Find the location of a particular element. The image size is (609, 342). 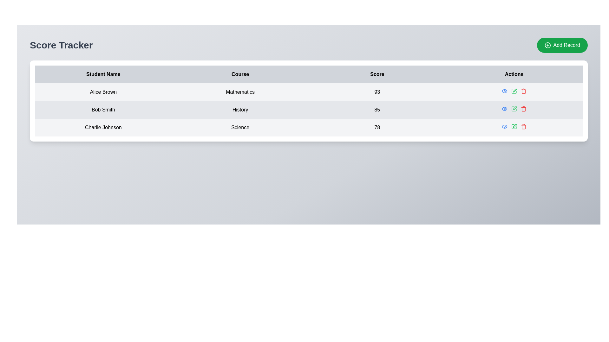

the interactive action icons in the 'Actions' column of the table row for 'Alice Brown' is located at coordinates (514, 91).